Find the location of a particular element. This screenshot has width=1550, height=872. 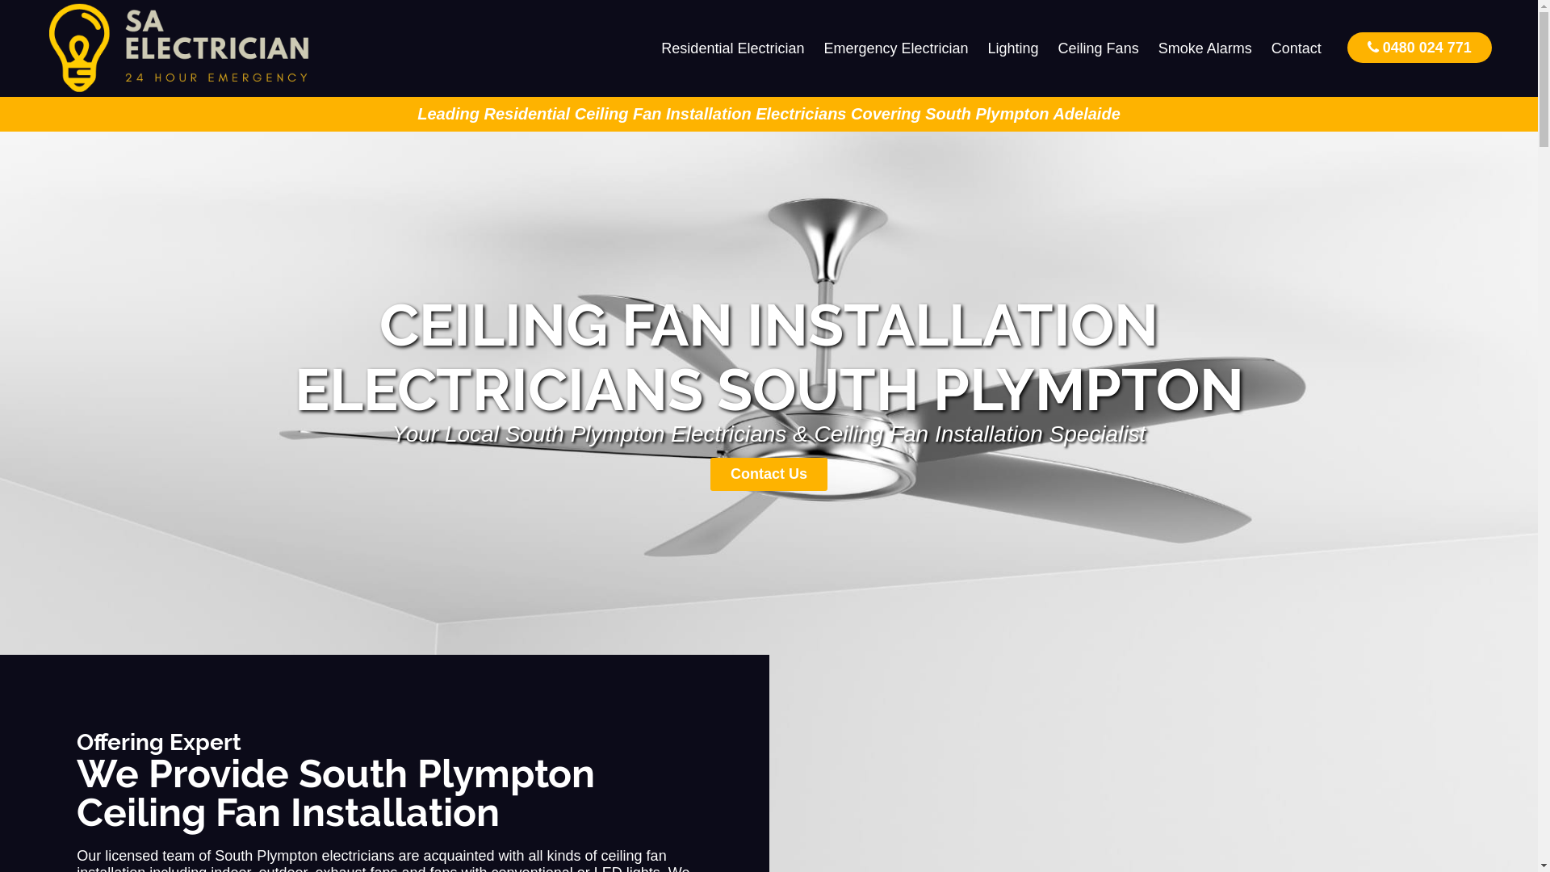

'Residential Electrician' is located at coordinates (651, 48).